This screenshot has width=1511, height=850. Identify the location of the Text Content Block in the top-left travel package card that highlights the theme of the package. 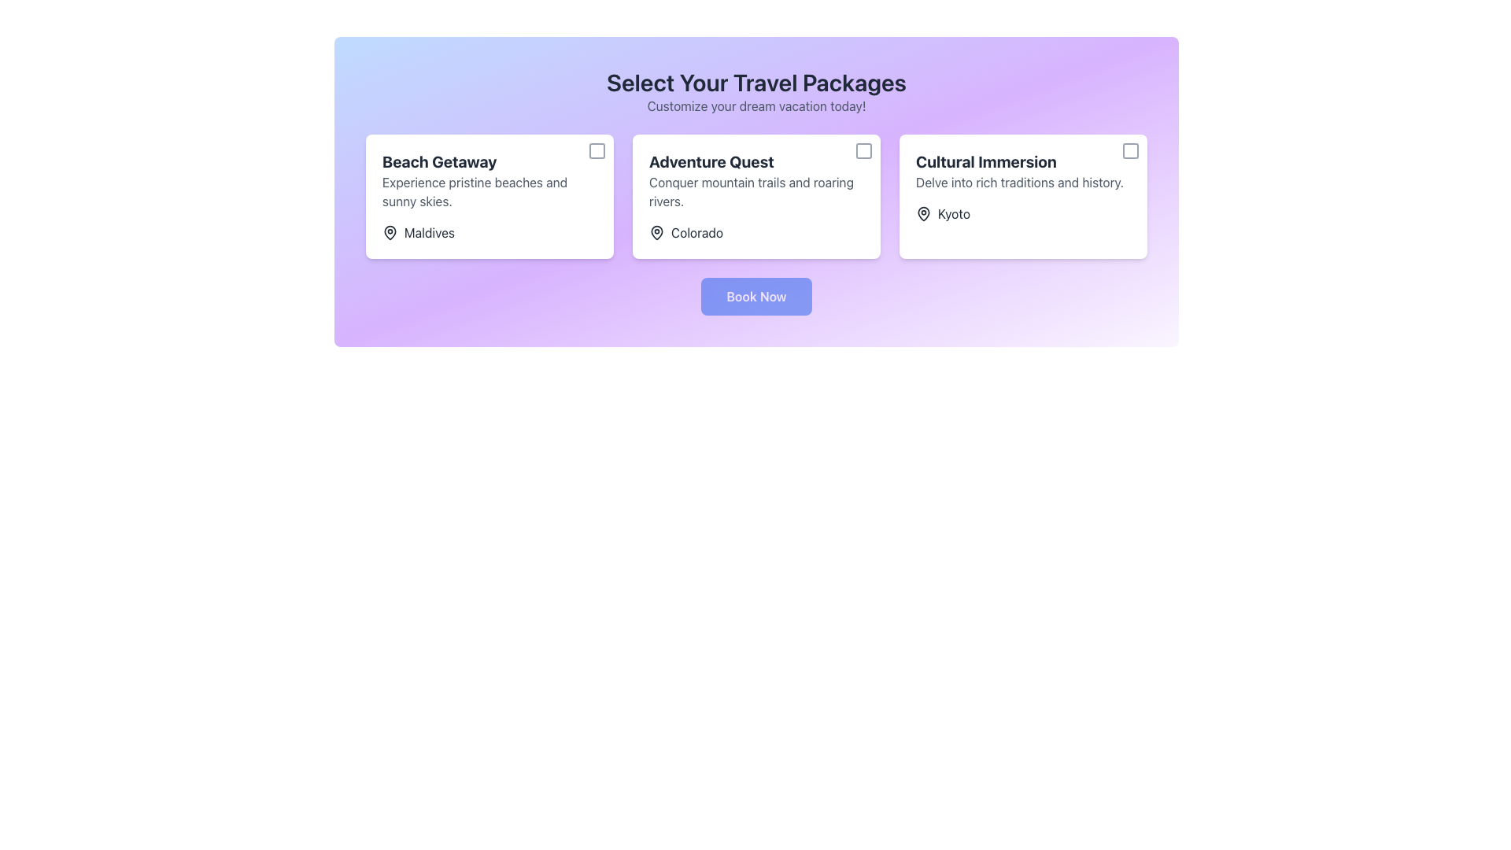
(489, 180).